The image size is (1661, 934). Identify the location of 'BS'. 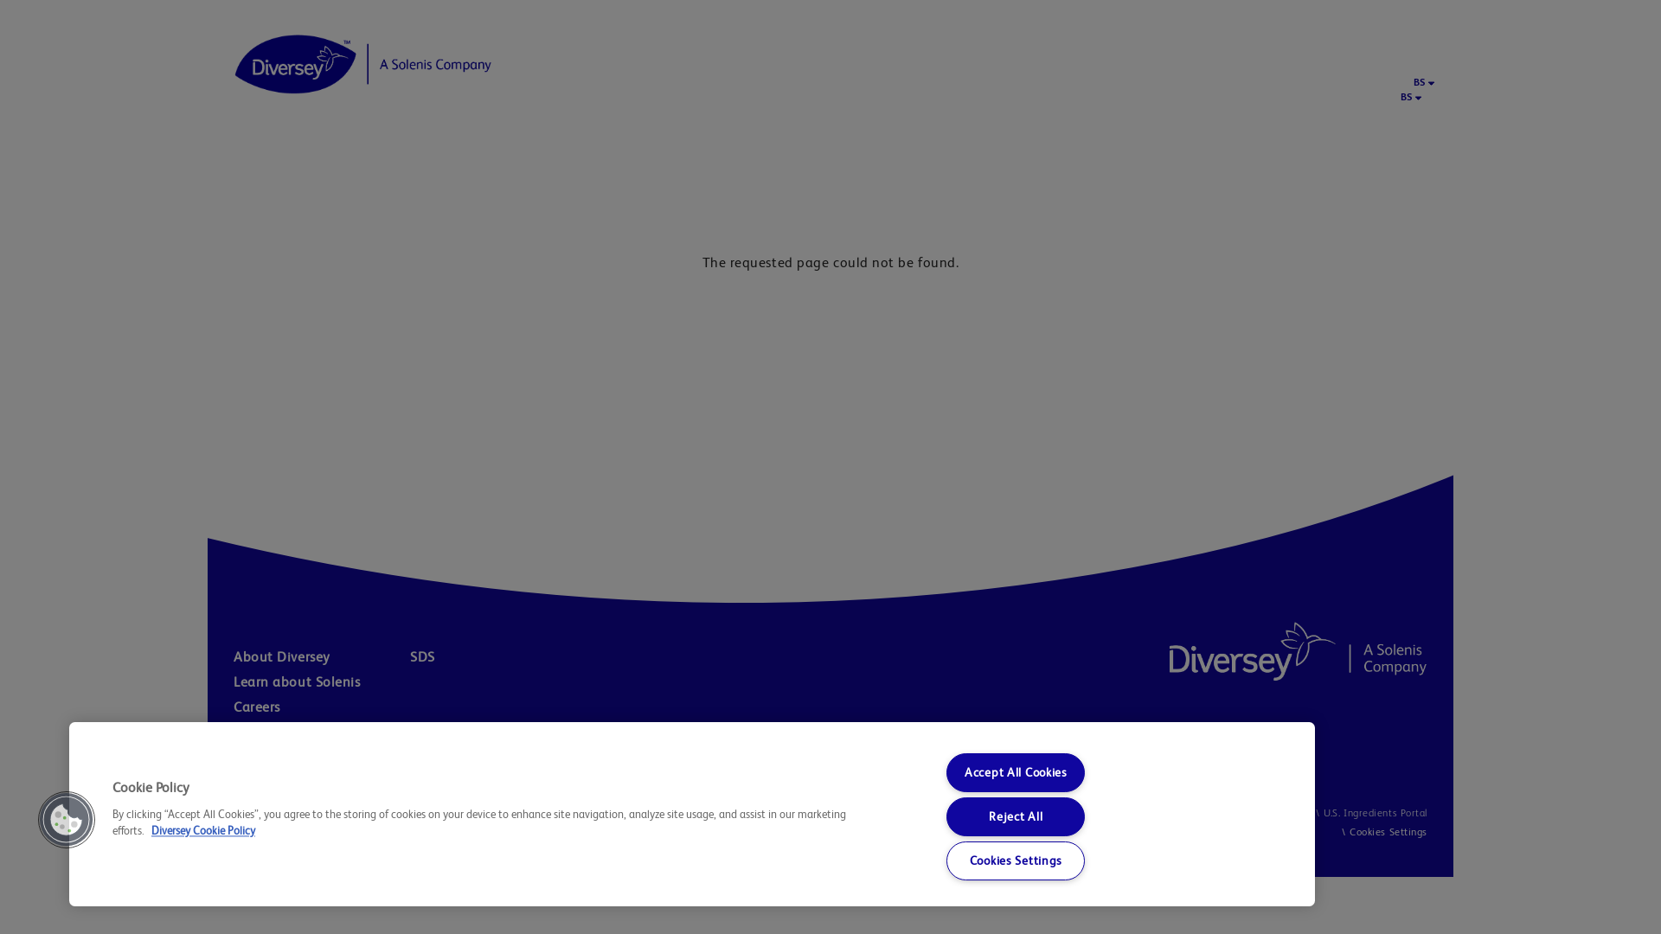
(1420, 82).